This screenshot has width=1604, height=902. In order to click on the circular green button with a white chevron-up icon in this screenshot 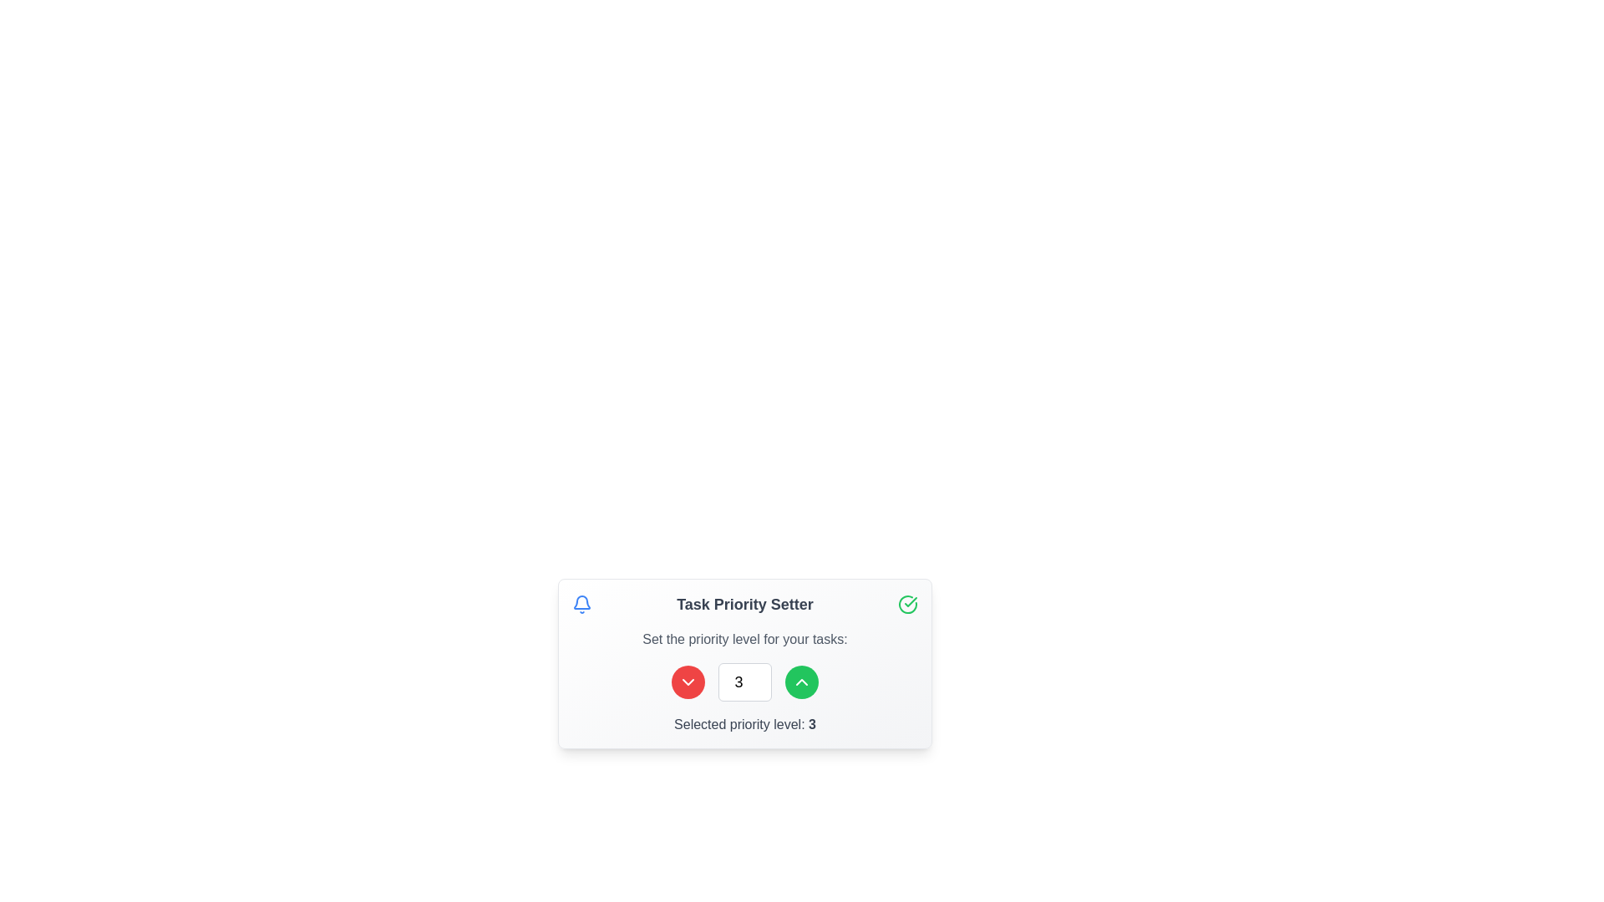, I will do `click(802, 682)`.